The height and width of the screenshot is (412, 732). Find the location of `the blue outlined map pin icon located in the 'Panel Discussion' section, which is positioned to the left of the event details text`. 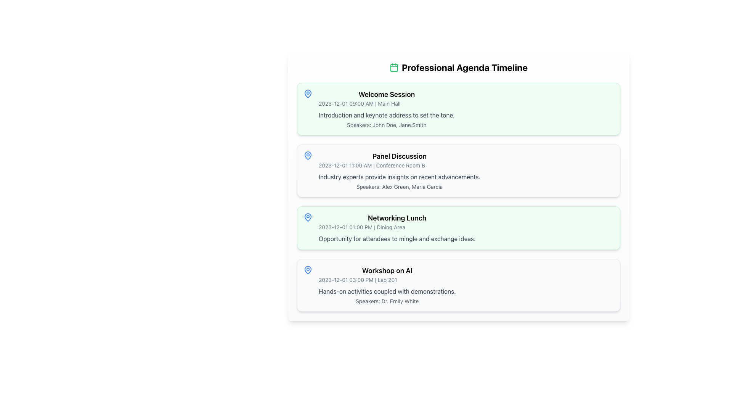

the blue outlined map pin icon located in the 'Panel Discussion' section, which is positioned to the left of the event details text is located at coordinates (308, 155).